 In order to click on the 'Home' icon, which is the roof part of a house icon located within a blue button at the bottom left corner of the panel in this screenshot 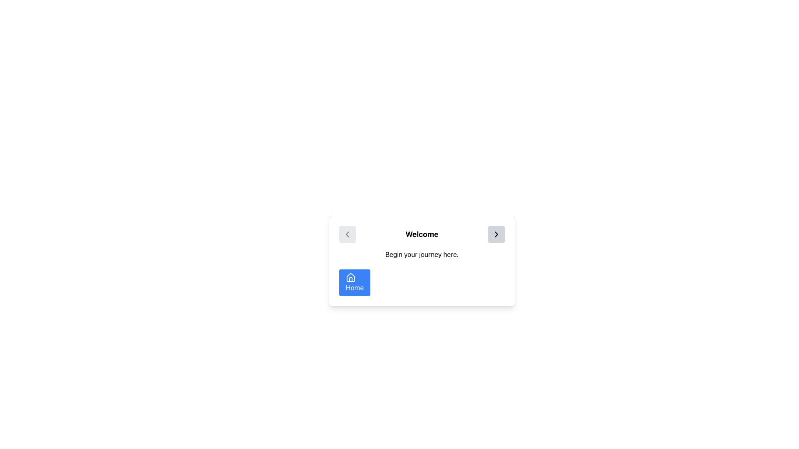, I will do `click(351, 277)`.